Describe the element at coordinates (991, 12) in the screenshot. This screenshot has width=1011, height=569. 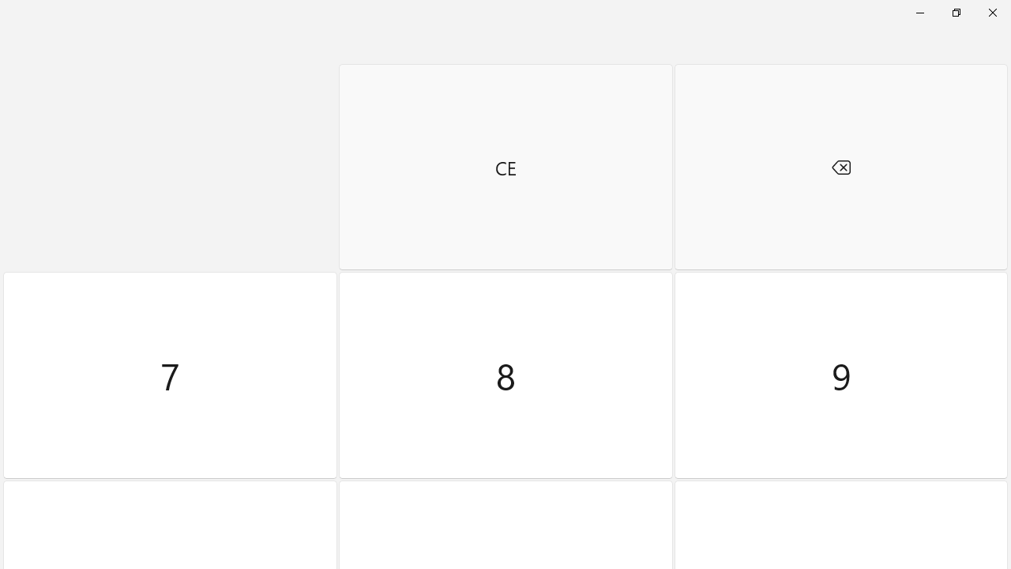
I see `'Close Calculator'` at that location.